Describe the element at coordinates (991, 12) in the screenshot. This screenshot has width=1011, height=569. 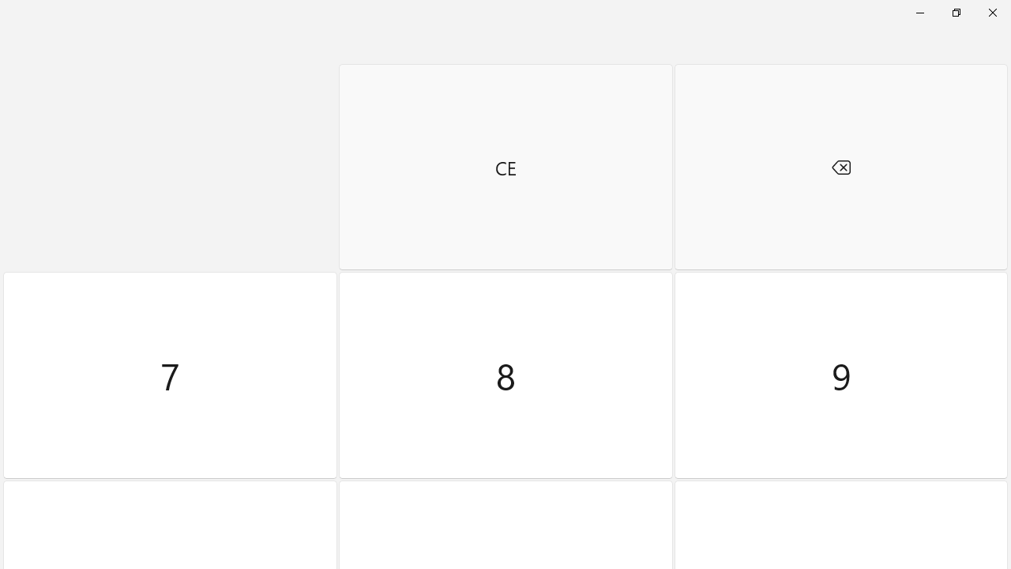
I see `'Close Calculator'` at that location.